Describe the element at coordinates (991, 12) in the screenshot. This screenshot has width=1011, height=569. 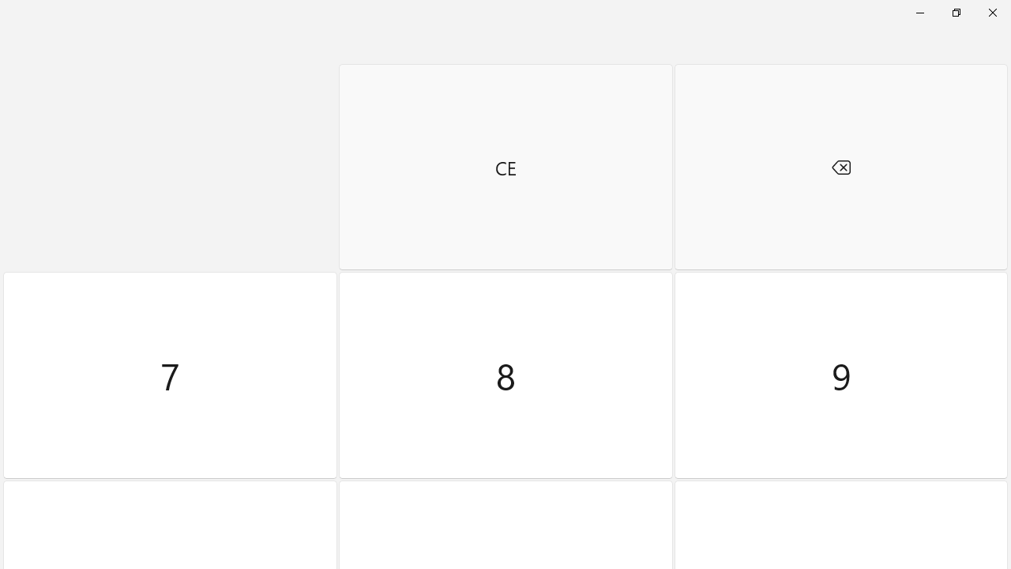
I see `'Close Calculator'` at that location.